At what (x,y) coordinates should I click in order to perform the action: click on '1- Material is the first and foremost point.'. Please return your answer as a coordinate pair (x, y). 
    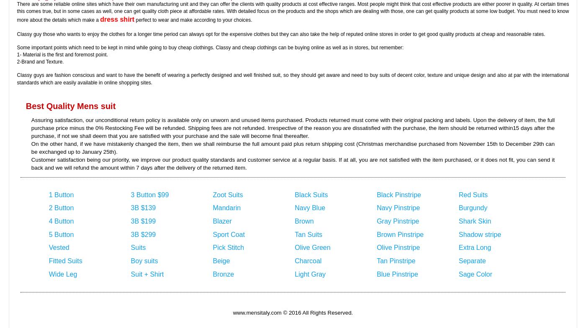
    Looking at the image, I should click on (17, 54).